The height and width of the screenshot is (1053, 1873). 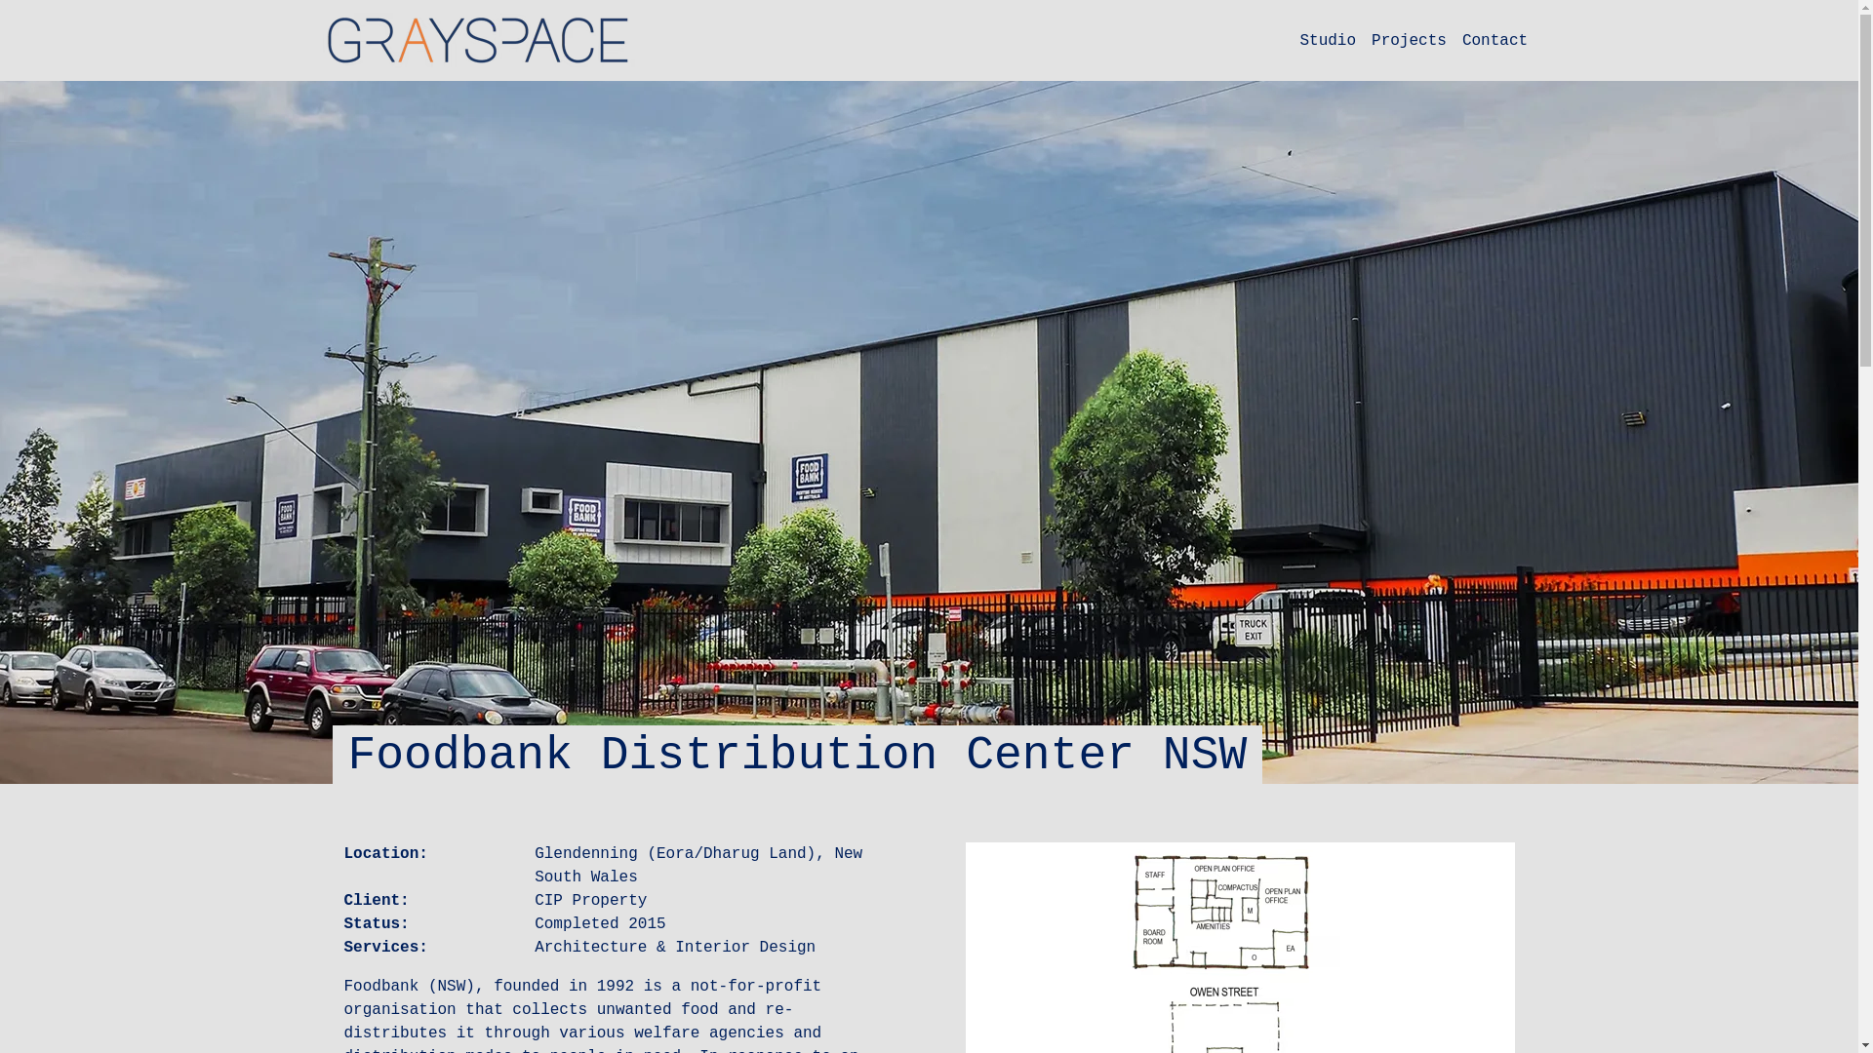 What do you see at coordinates (1409, 41) in the screenshot?
I see `'Projects'` at bounding box center [1409, 41].